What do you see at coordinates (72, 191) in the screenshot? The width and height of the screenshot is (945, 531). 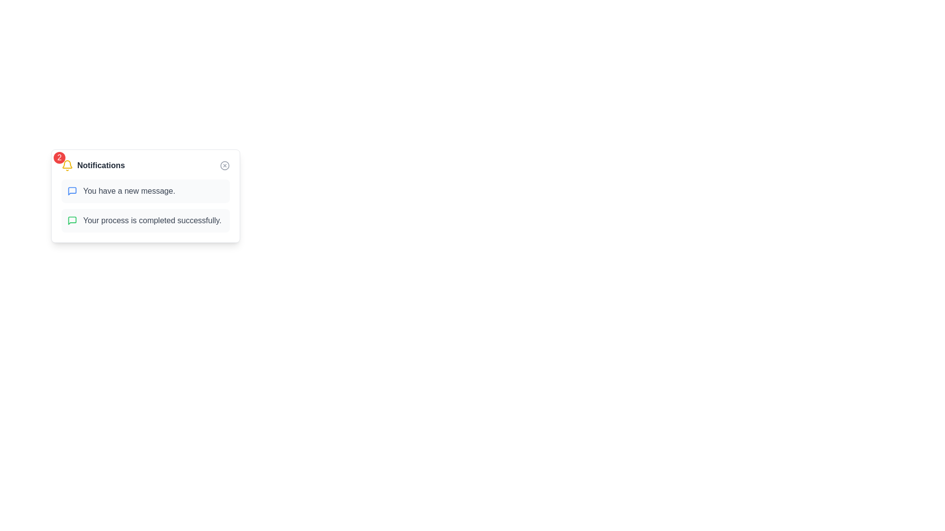 I see `the message notification icon located to the left of the text 'You have a new message.' within the notification card in the 'Notifications' section` at bounding box center [72, 191].